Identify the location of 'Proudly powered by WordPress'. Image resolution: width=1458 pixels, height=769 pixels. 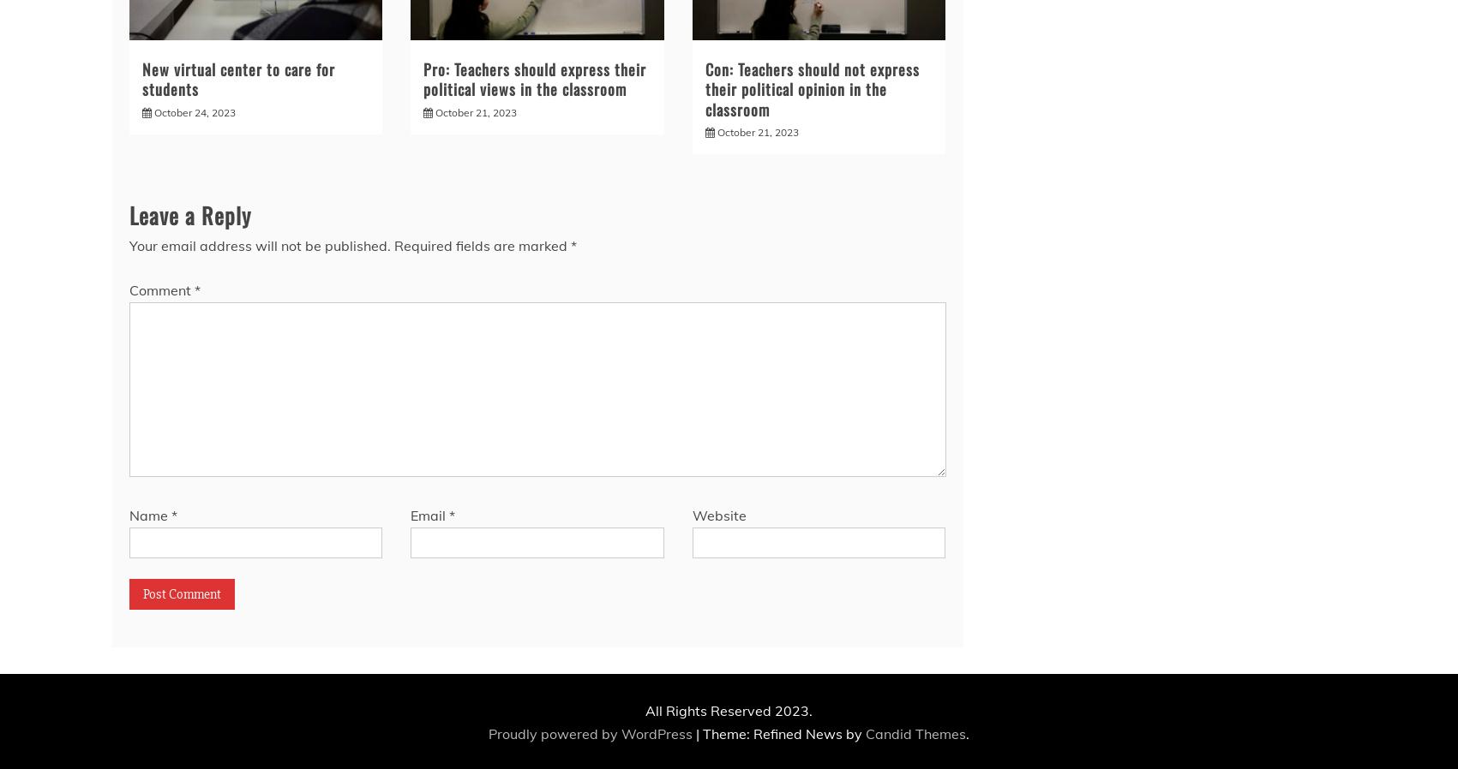
(591, 733).